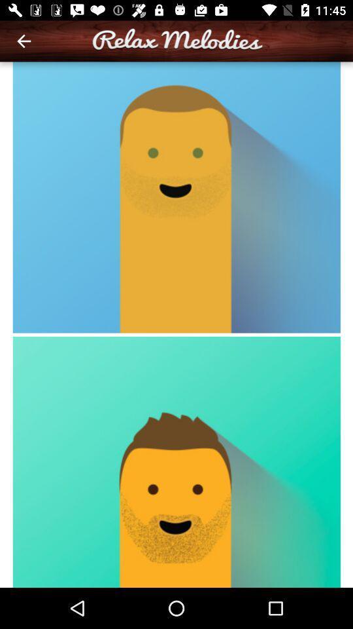 The width and height of the screenshot is (353, 629). What do you see at coordinates (176, 324) in the screenshot?
I see `song selection button` at bounding box center [176, 324].